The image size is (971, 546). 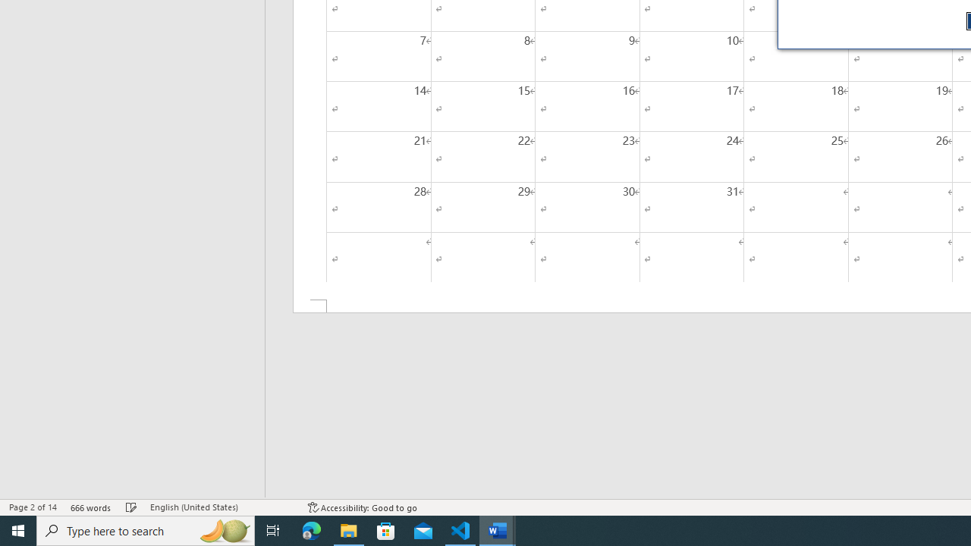 I want to click on 'Word Count 666 words', so click(x=90, y=507).